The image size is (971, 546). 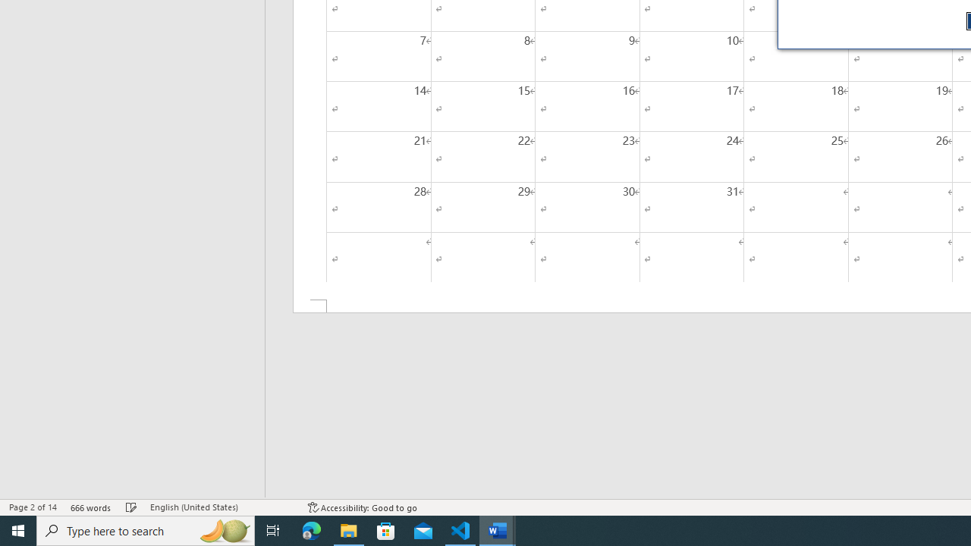 I want to click on 'Word Count 666 words', so click(x=90, y=507).